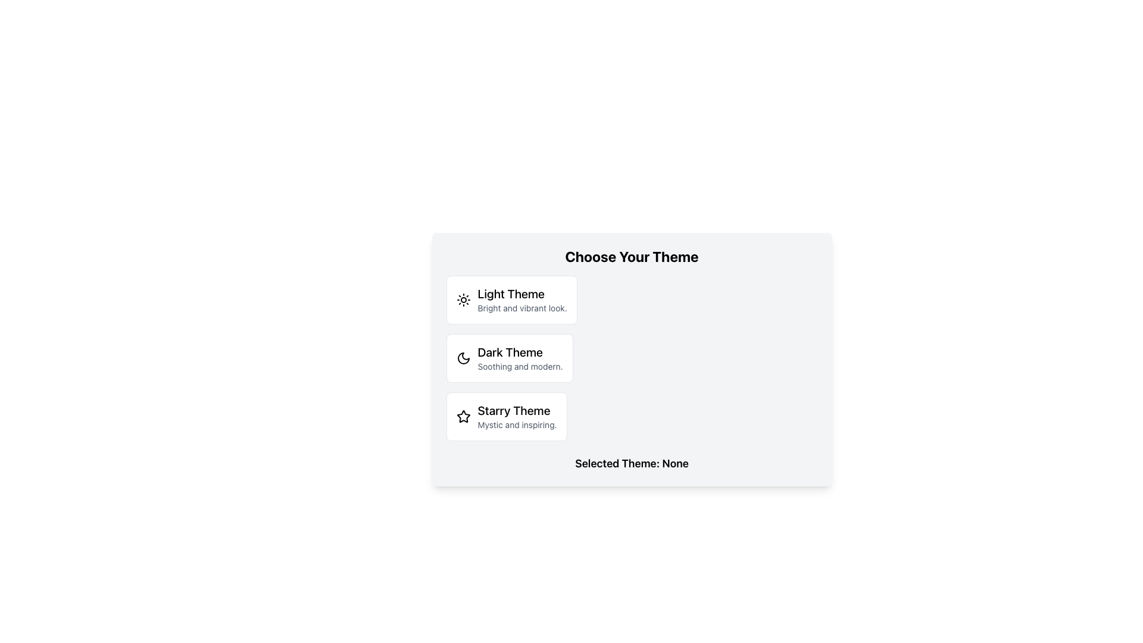 The width and height of the screenshot is (1143, 643). What do you see at coordinates (522, 307) in the screenshot?
I see `text label that says 'Bright and vibrant look.' which is styled in a smaller gray font and is positioned directly beneath the 'Light Theme' title` at bounding box center [522, 307].